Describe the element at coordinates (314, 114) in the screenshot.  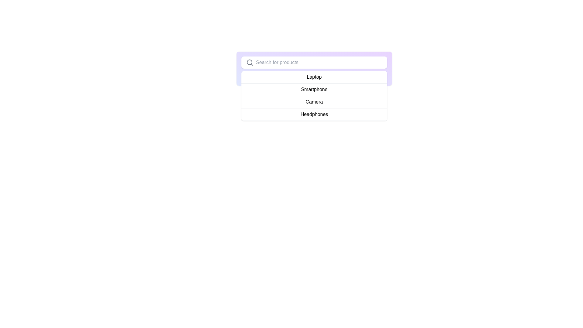
I see `the fourth list item labeled 'Headphones' in the dropdown menu` at that location.